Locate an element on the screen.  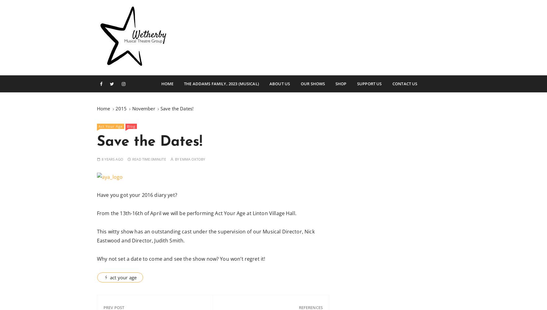
'8 years ago' is located at coordinates (112, 159).